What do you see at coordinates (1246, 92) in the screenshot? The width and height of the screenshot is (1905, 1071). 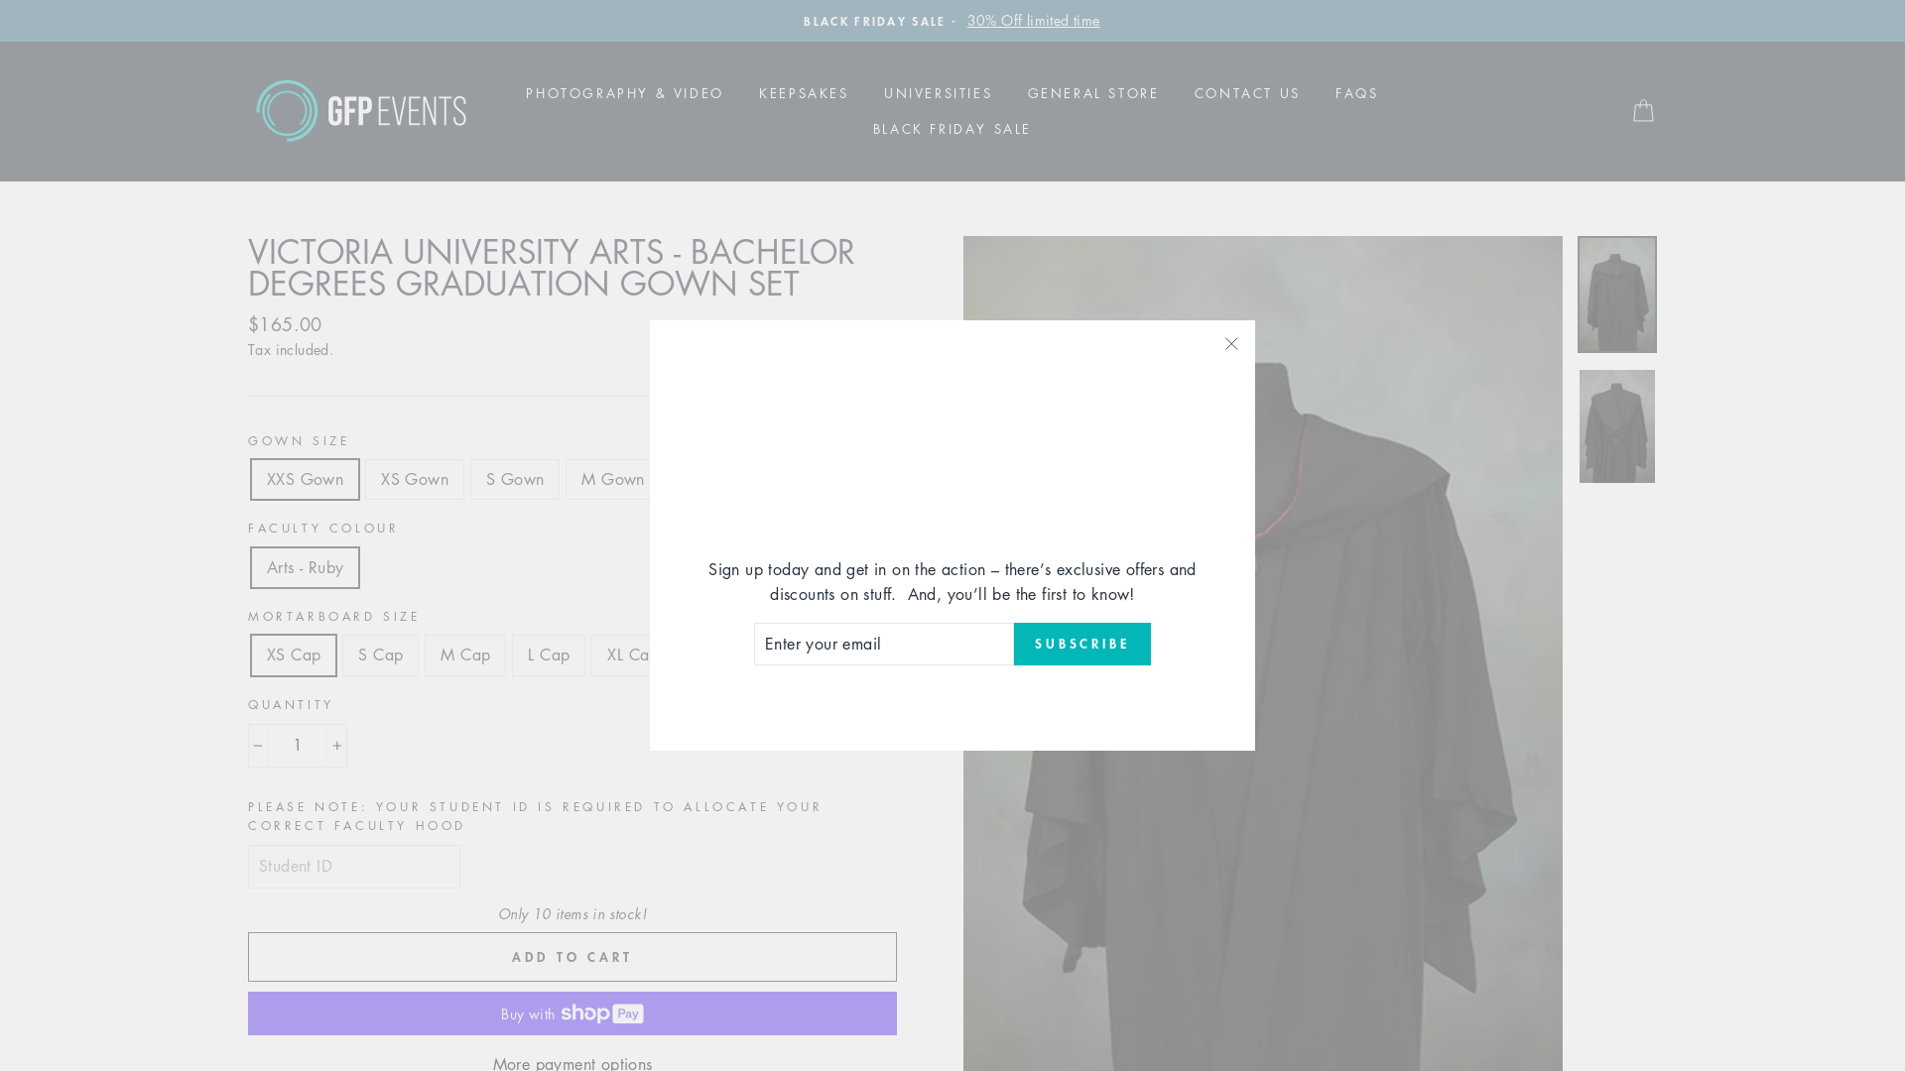 I see `'CONTACT US'` at bounding box center [1246, 92].